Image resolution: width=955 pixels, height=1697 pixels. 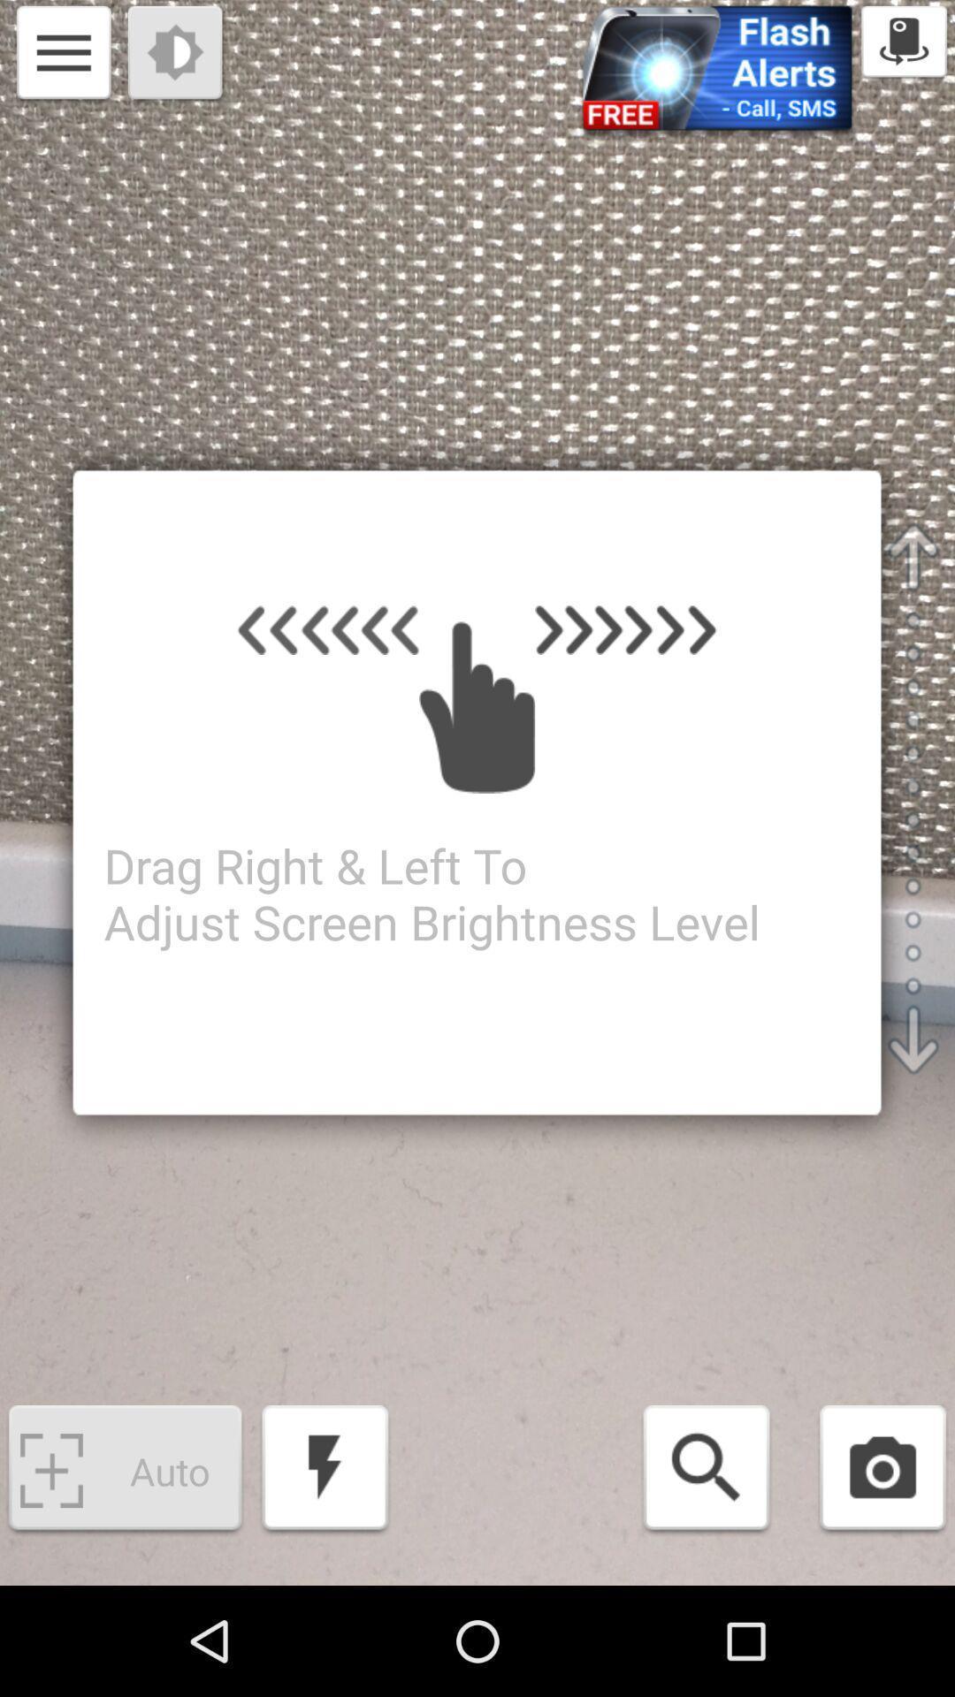 What do you see at coordinates (325, 1471) in the screenshot?
I see `flash on or off` at bounding box center [325, 1471].